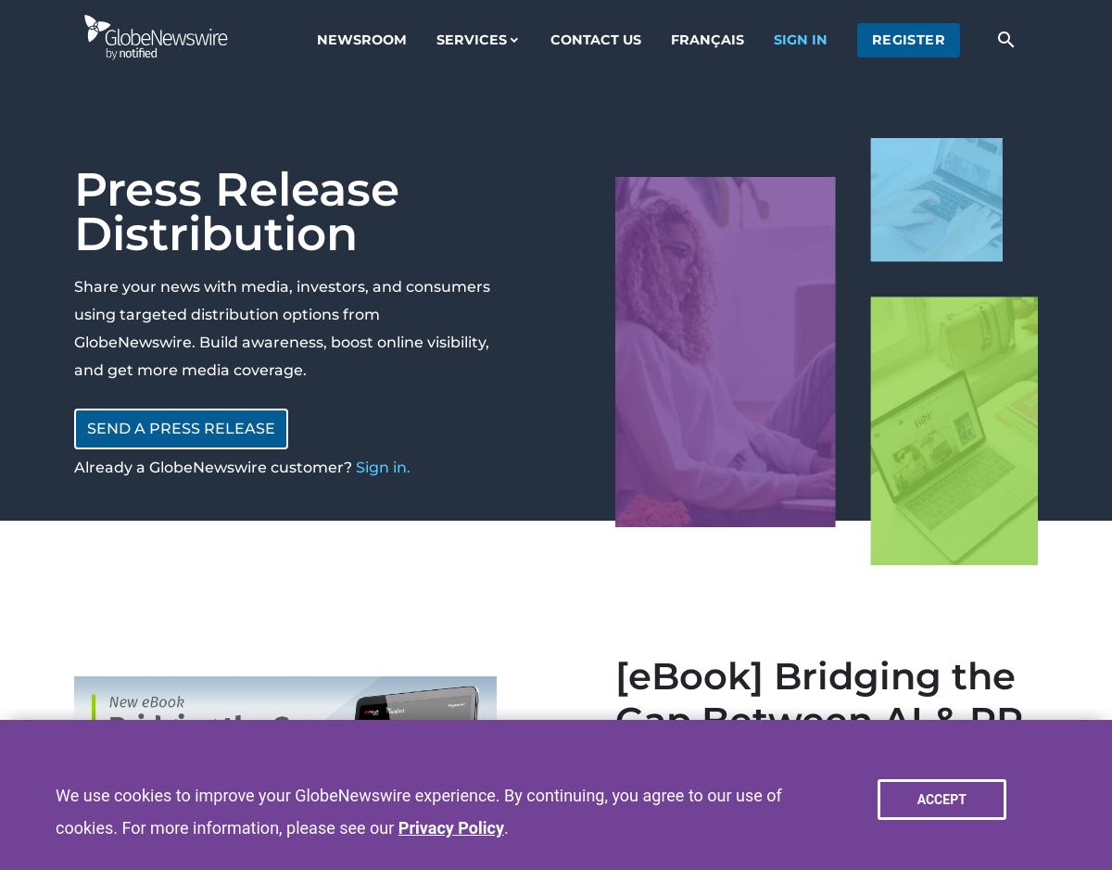 This screenshot has width=1112, height=870. I want to click on 'Already a GlobeNewswire customer?', so click(74, 466).